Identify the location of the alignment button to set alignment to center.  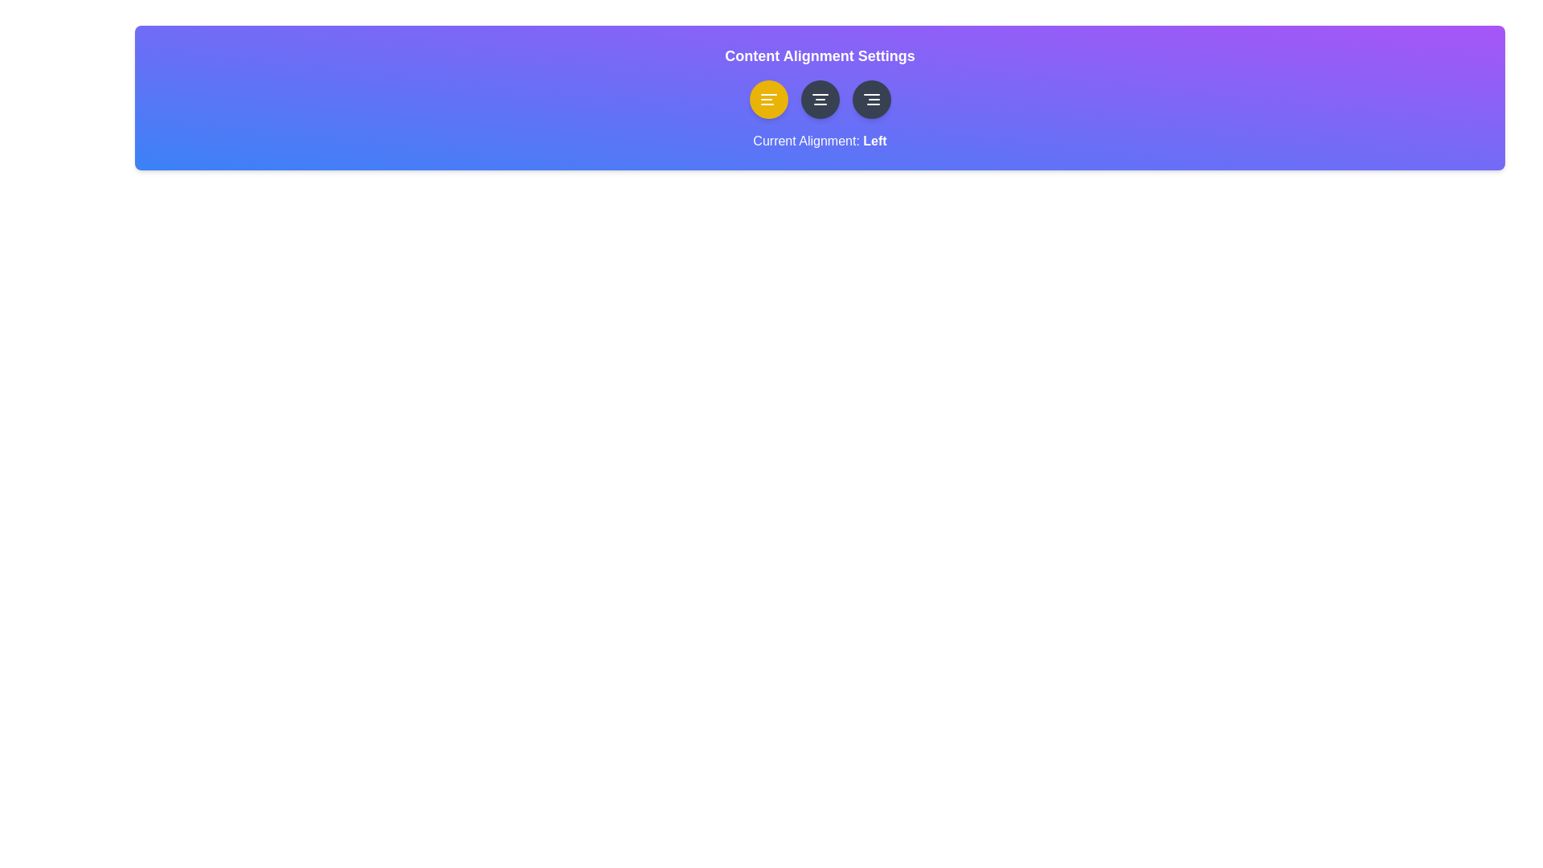
(820, 99).